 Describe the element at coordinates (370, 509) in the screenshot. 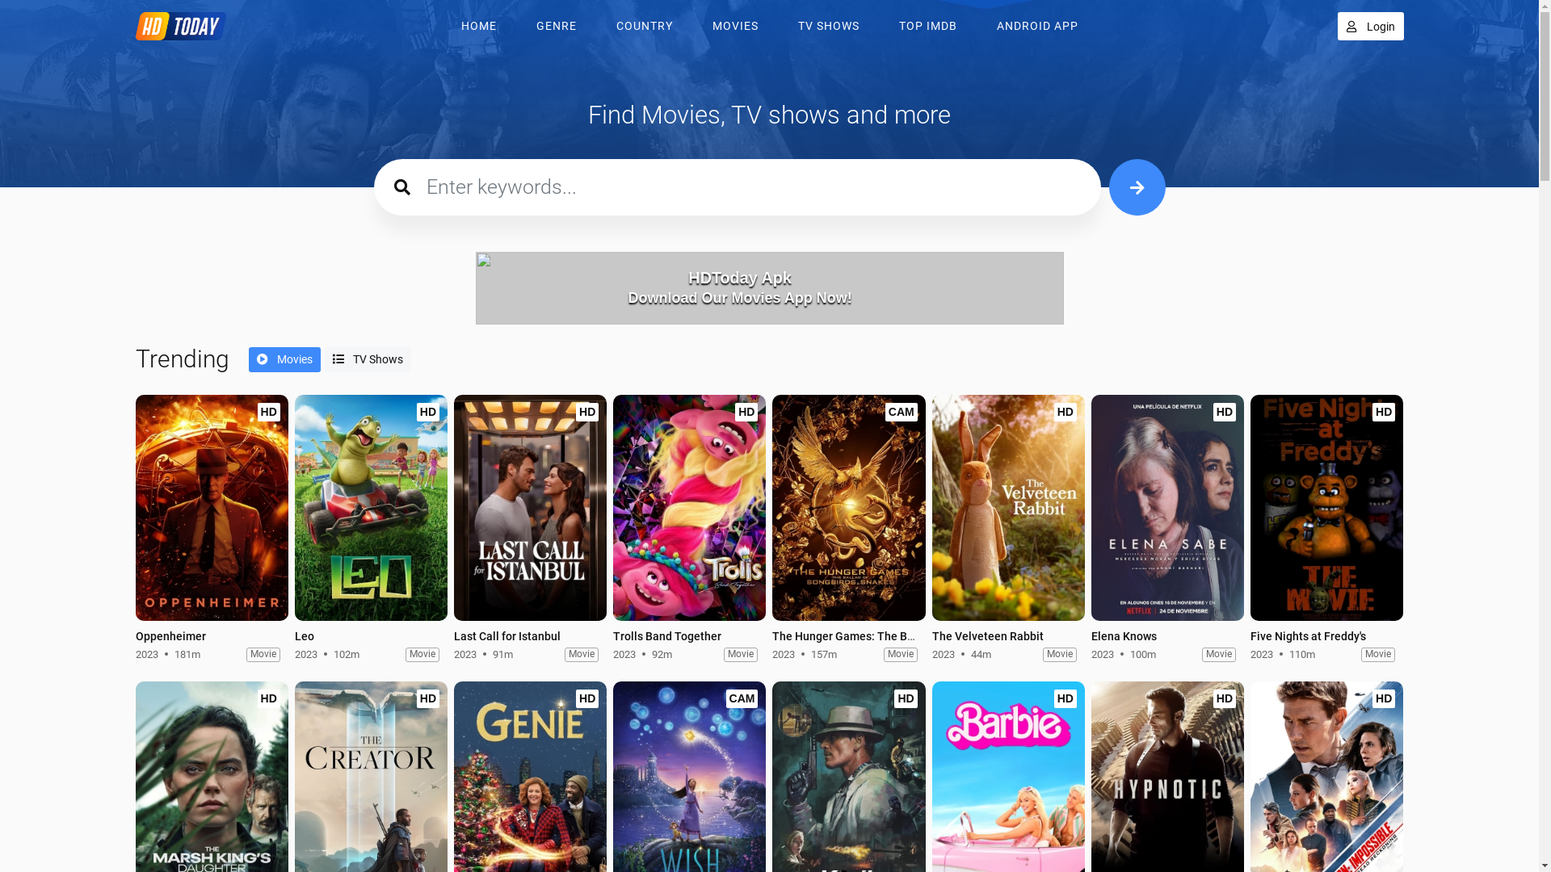

I see `'Leo'` at that location.